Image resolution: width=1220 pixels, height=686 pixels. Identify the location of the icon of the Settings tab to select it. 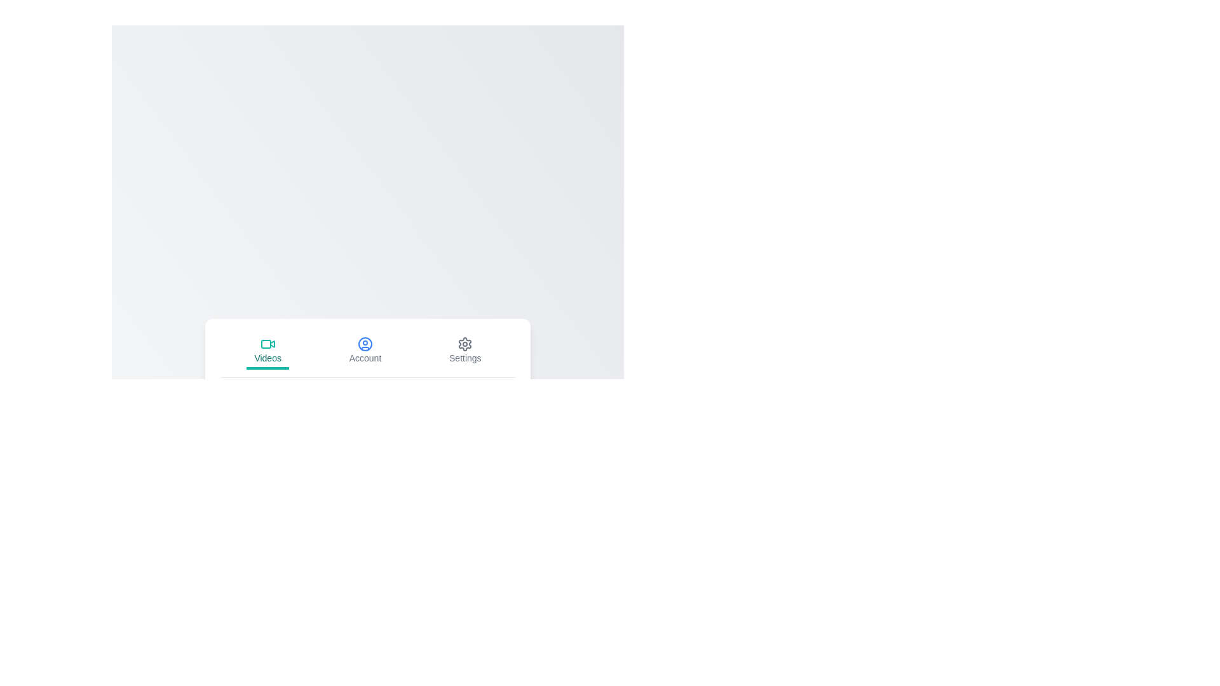
(464, 344).